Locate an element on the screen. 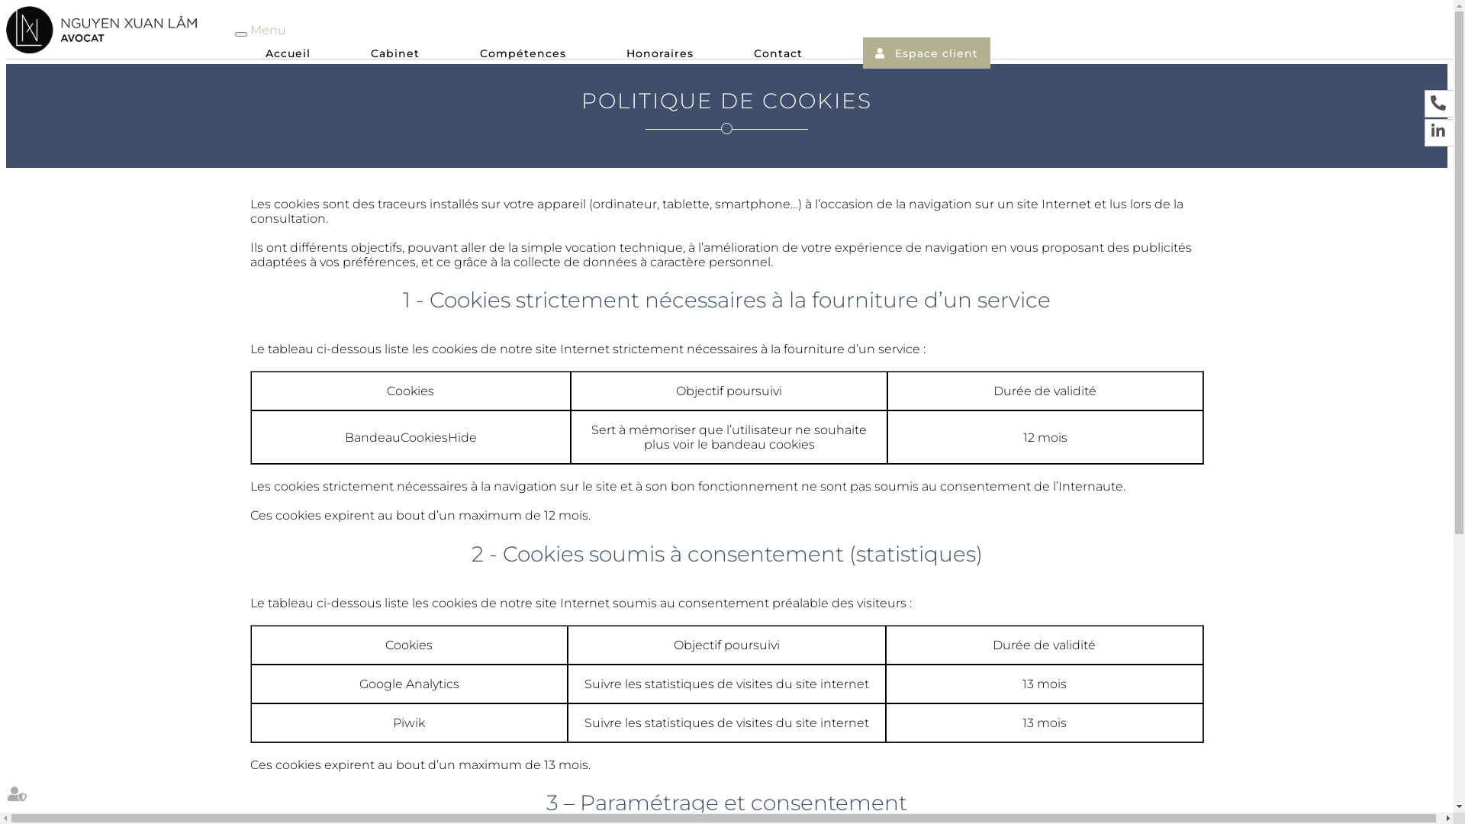  'Espace client' is located at coordinates (875, 52).